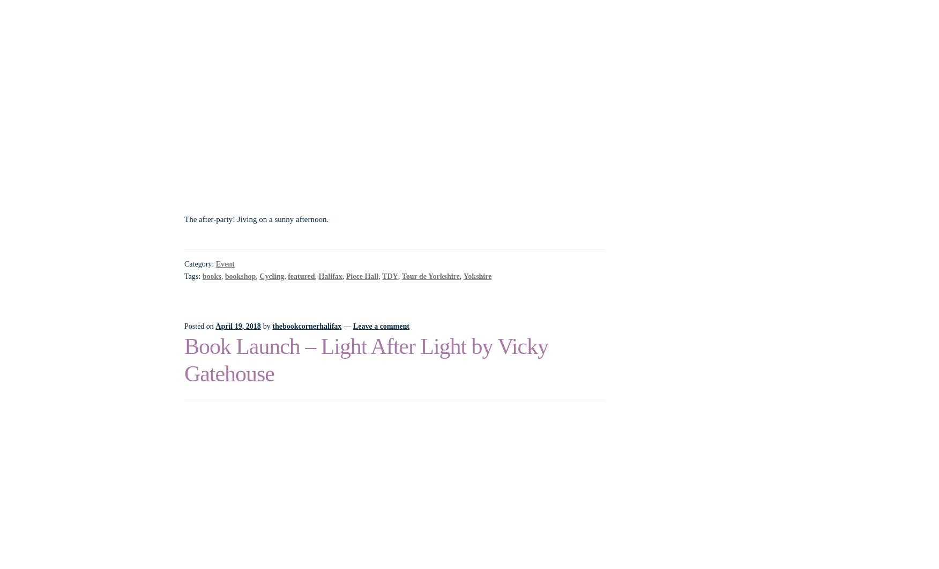 This screenshot has height=569, width=939. What do you see at coordinates (240, 276) in the screenshot?
I see `'bookshop'` at bounding box center [240, 276].